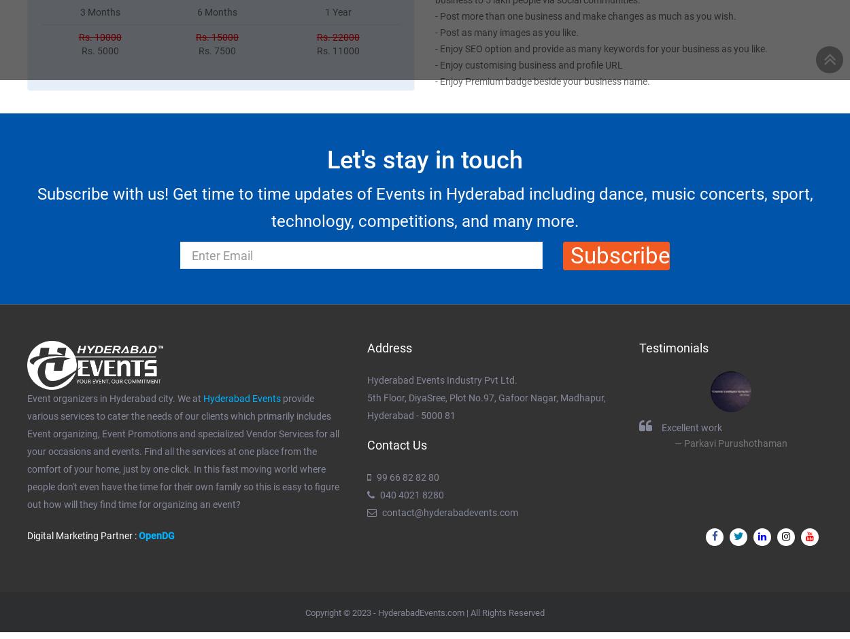 Image resolution: width=850 pixels, height=639 pixels. I want to click on 'Let's stay in touch', so click(425, 158).